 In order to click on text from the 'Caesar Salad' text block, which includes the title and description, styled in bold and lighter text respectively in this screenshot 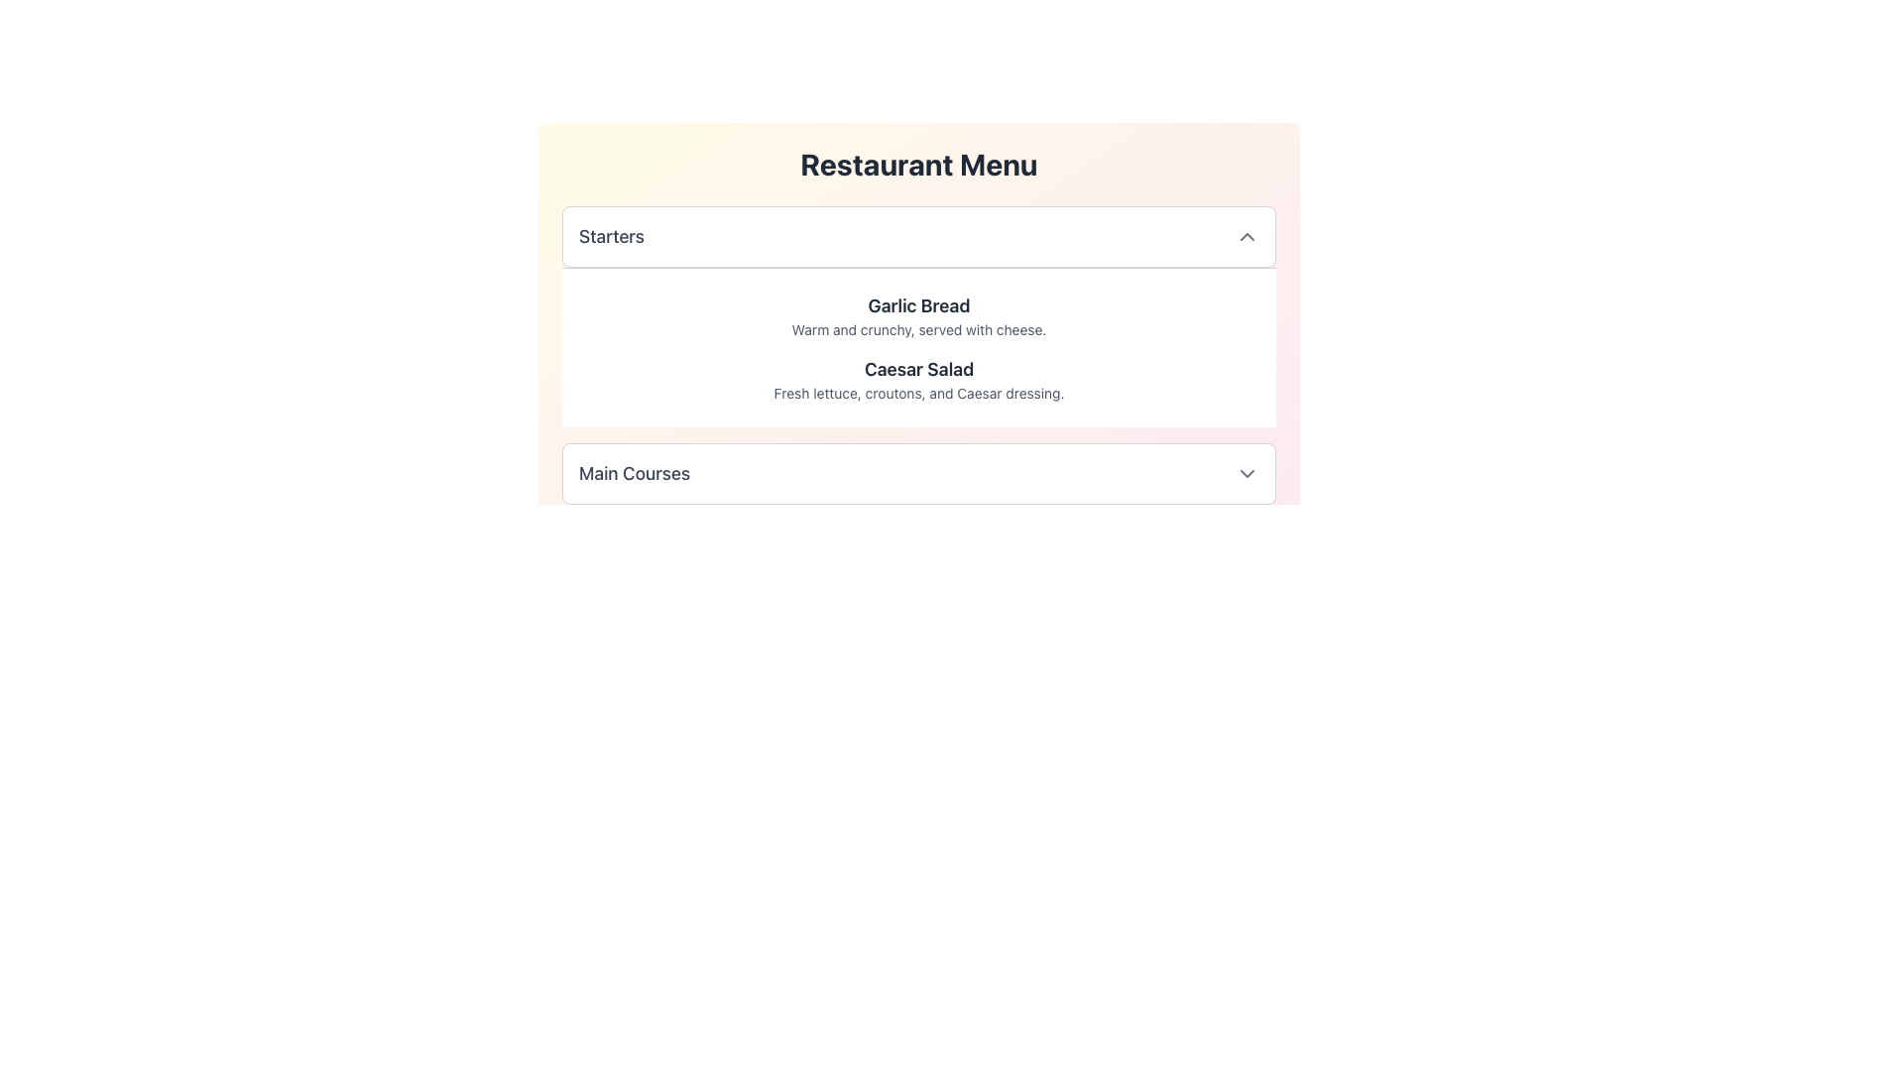, I will do `click(917, 379)`.